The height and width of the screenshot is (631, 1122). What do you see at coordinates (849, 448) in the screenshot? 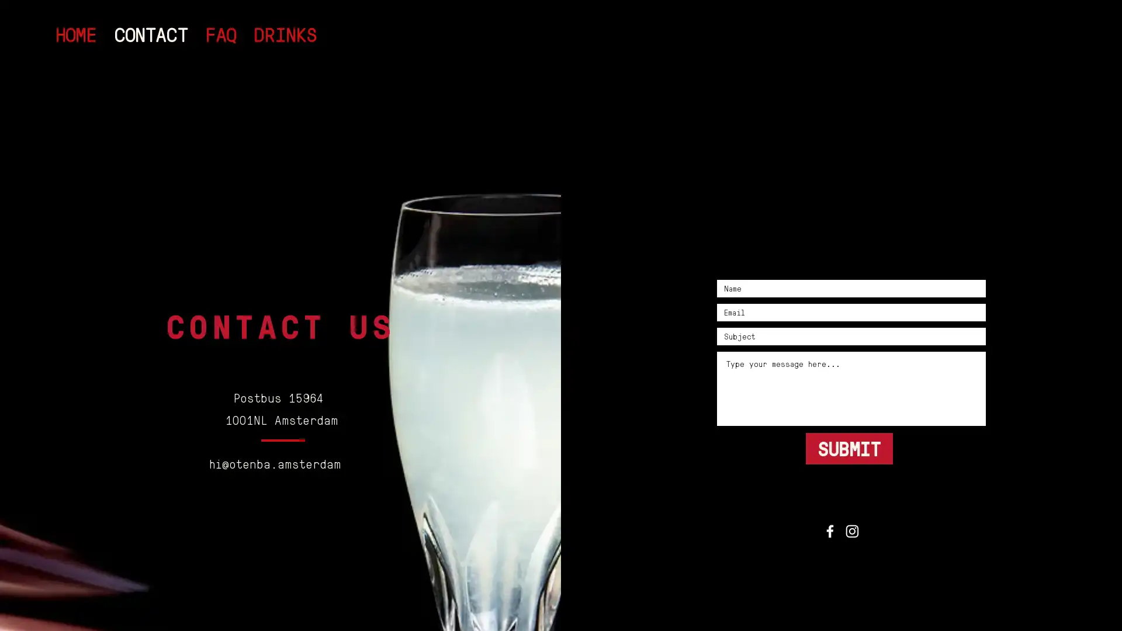
I see `SUBMIT` at bounding box center [849, 448].